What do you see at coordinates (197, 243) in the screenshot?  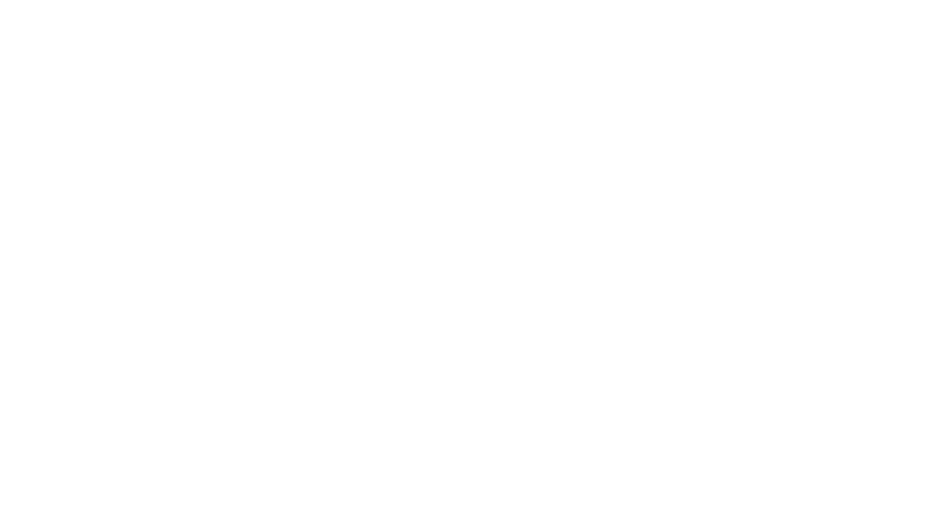 I see `'Lockdown.'` at bounding box center [197, 243].